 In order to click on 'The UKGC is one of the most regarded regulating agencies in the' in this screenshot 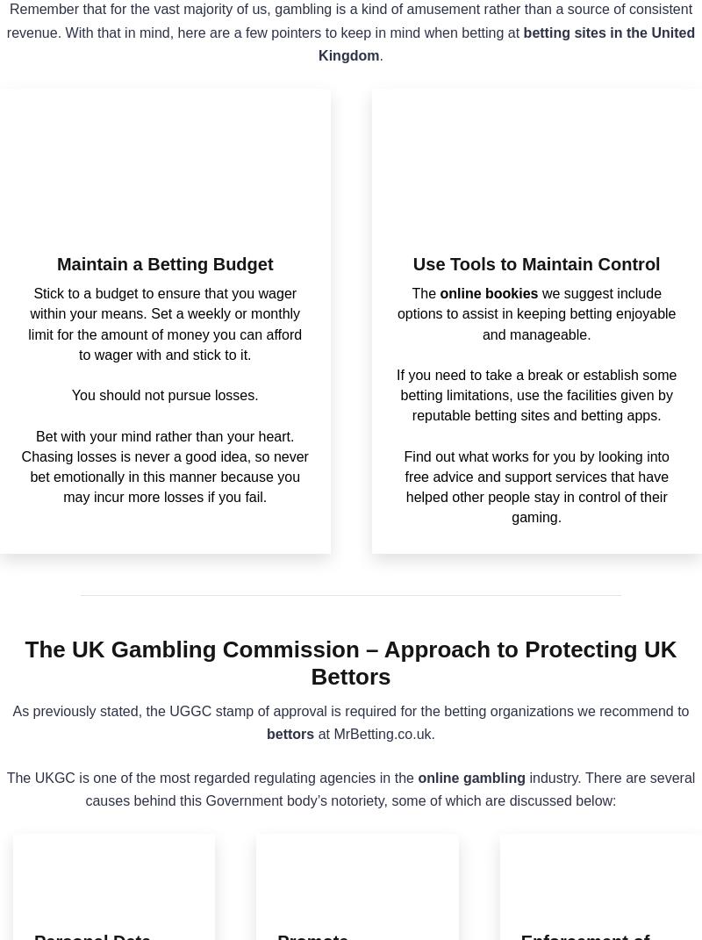, I will do `click(211, 777)`.